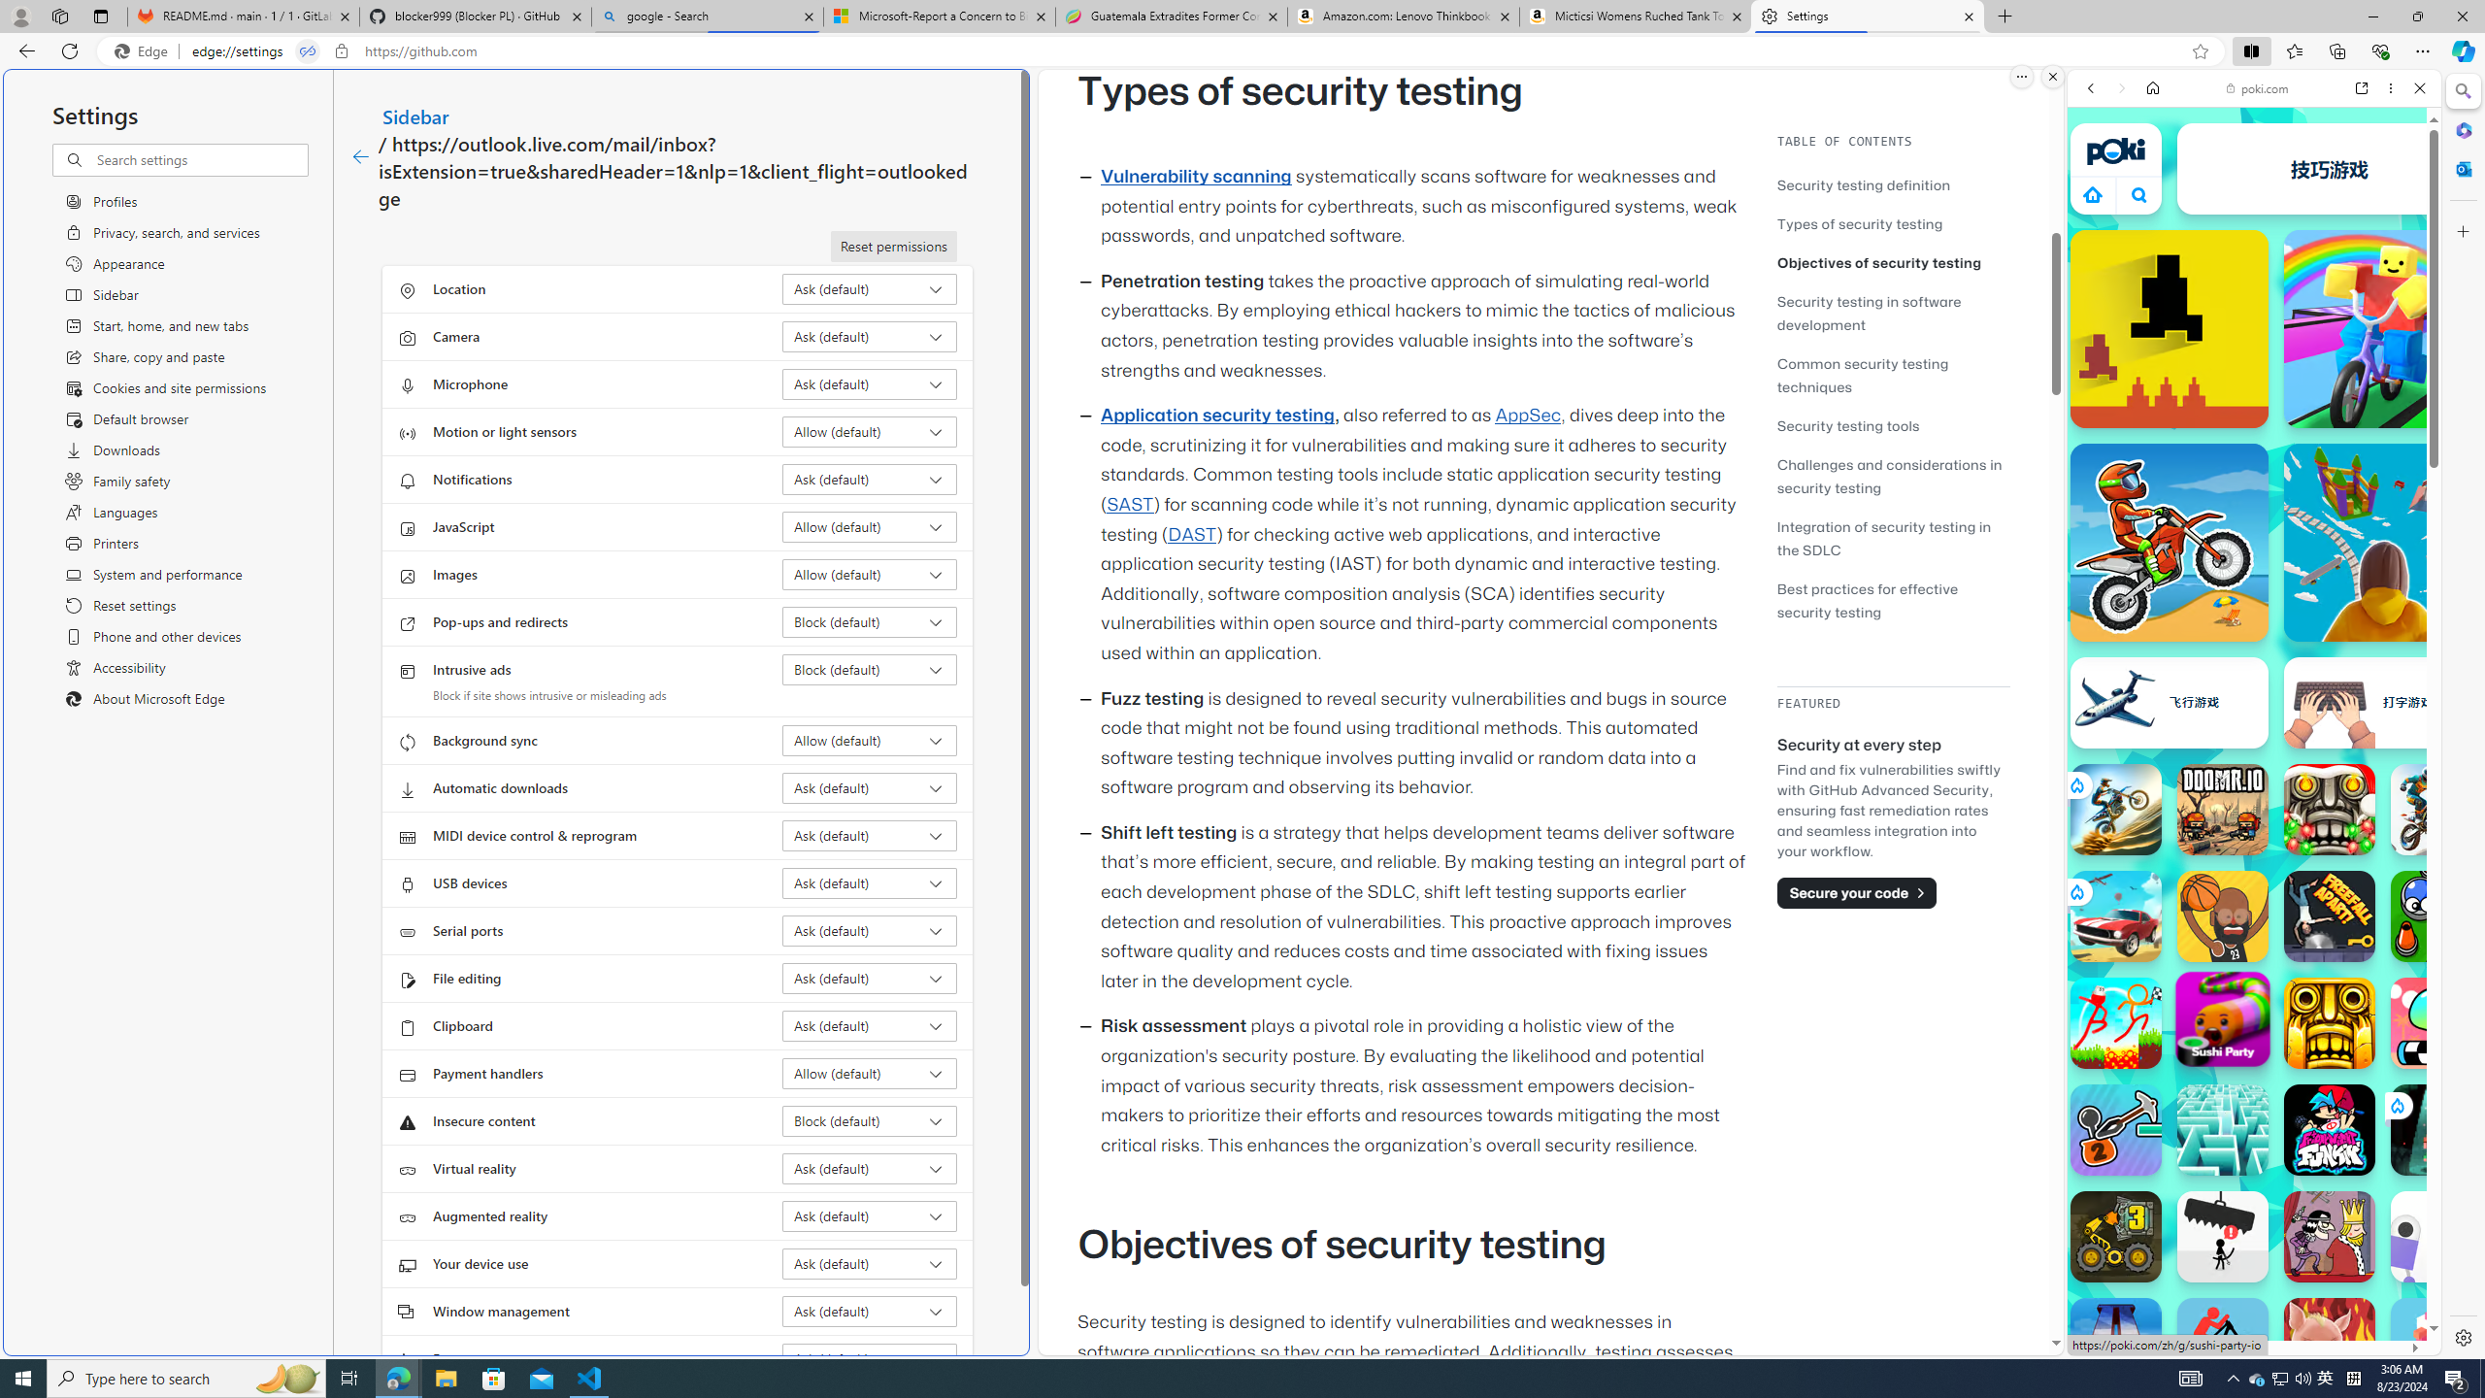  Describe the element at coordinates (2436, 810) in the screenshot. I see `'Trial Mania'` at that location.